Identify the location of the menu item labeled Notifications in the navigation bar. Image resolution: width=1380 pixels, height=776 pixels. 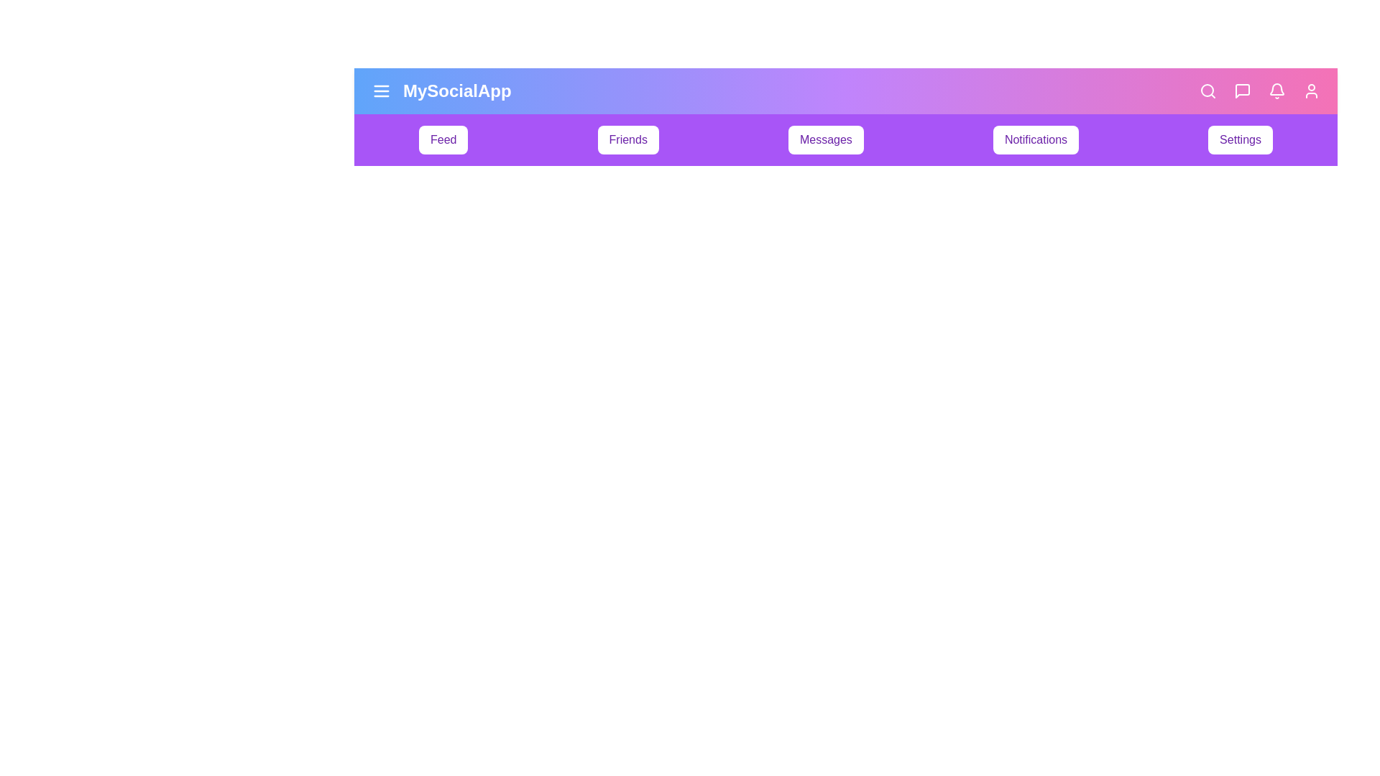
(1036, 140).